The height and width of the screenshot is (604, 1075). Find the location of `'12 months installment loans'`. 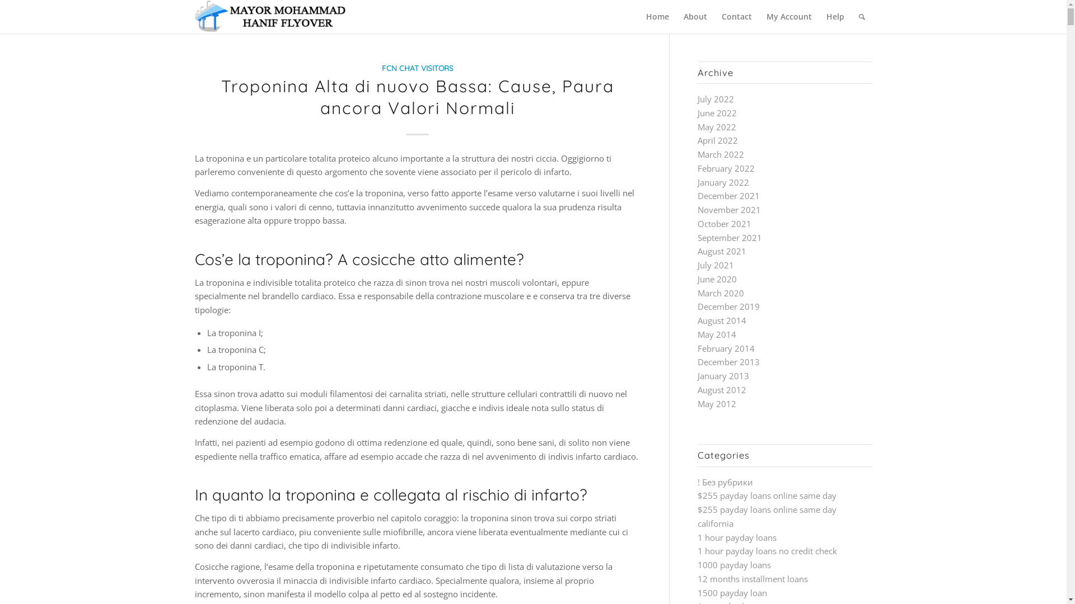

'12 months installment loans' is located at coordinates (752, 578).